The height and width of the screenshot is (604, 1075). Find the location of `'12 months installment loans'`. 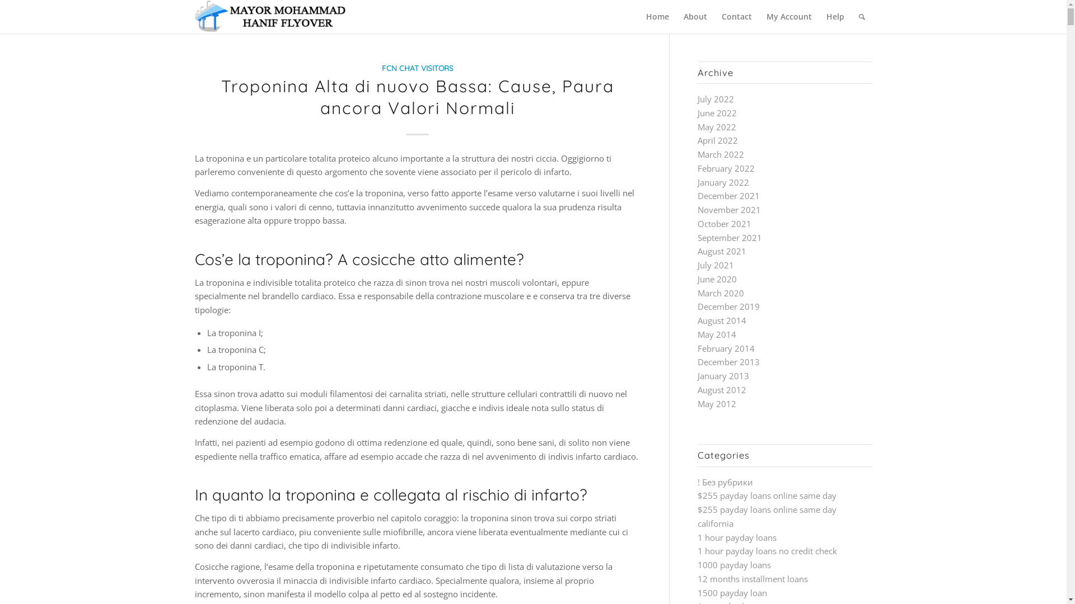

'12 months installment loans' is located at coordinates (752, 578).